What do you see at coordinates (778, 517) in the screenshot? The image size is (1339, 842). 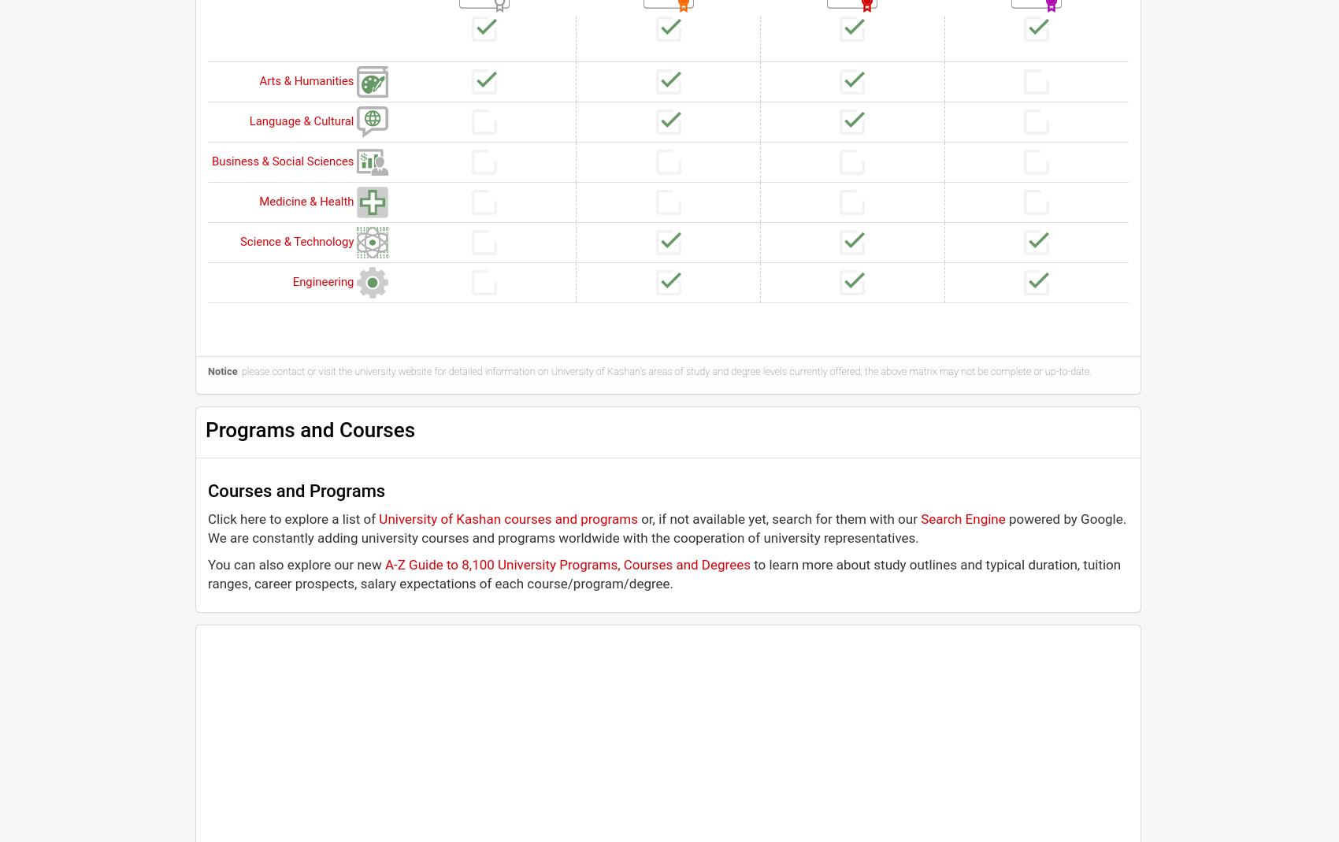 I see `'or, if not available yet, search for them with our'` at bounding box center [778, 517].